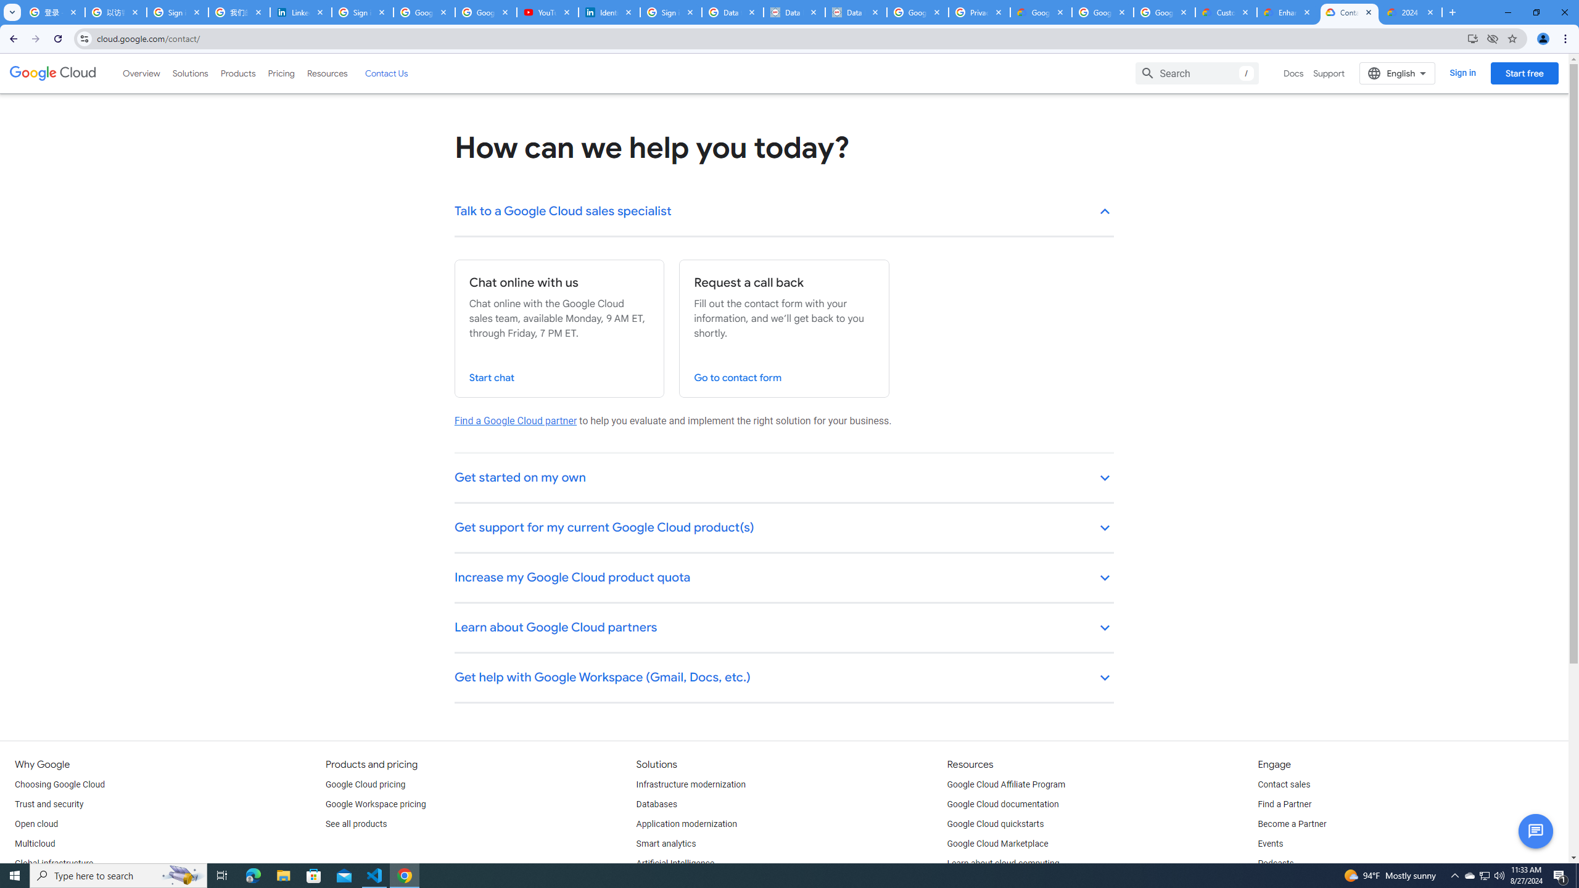 This screenshot has width=1579, height=888. What do you see at coordinates (60, 784) in the screenshot?
I see `'Choosing Google Cloud'` at bounding box center [60, 784].